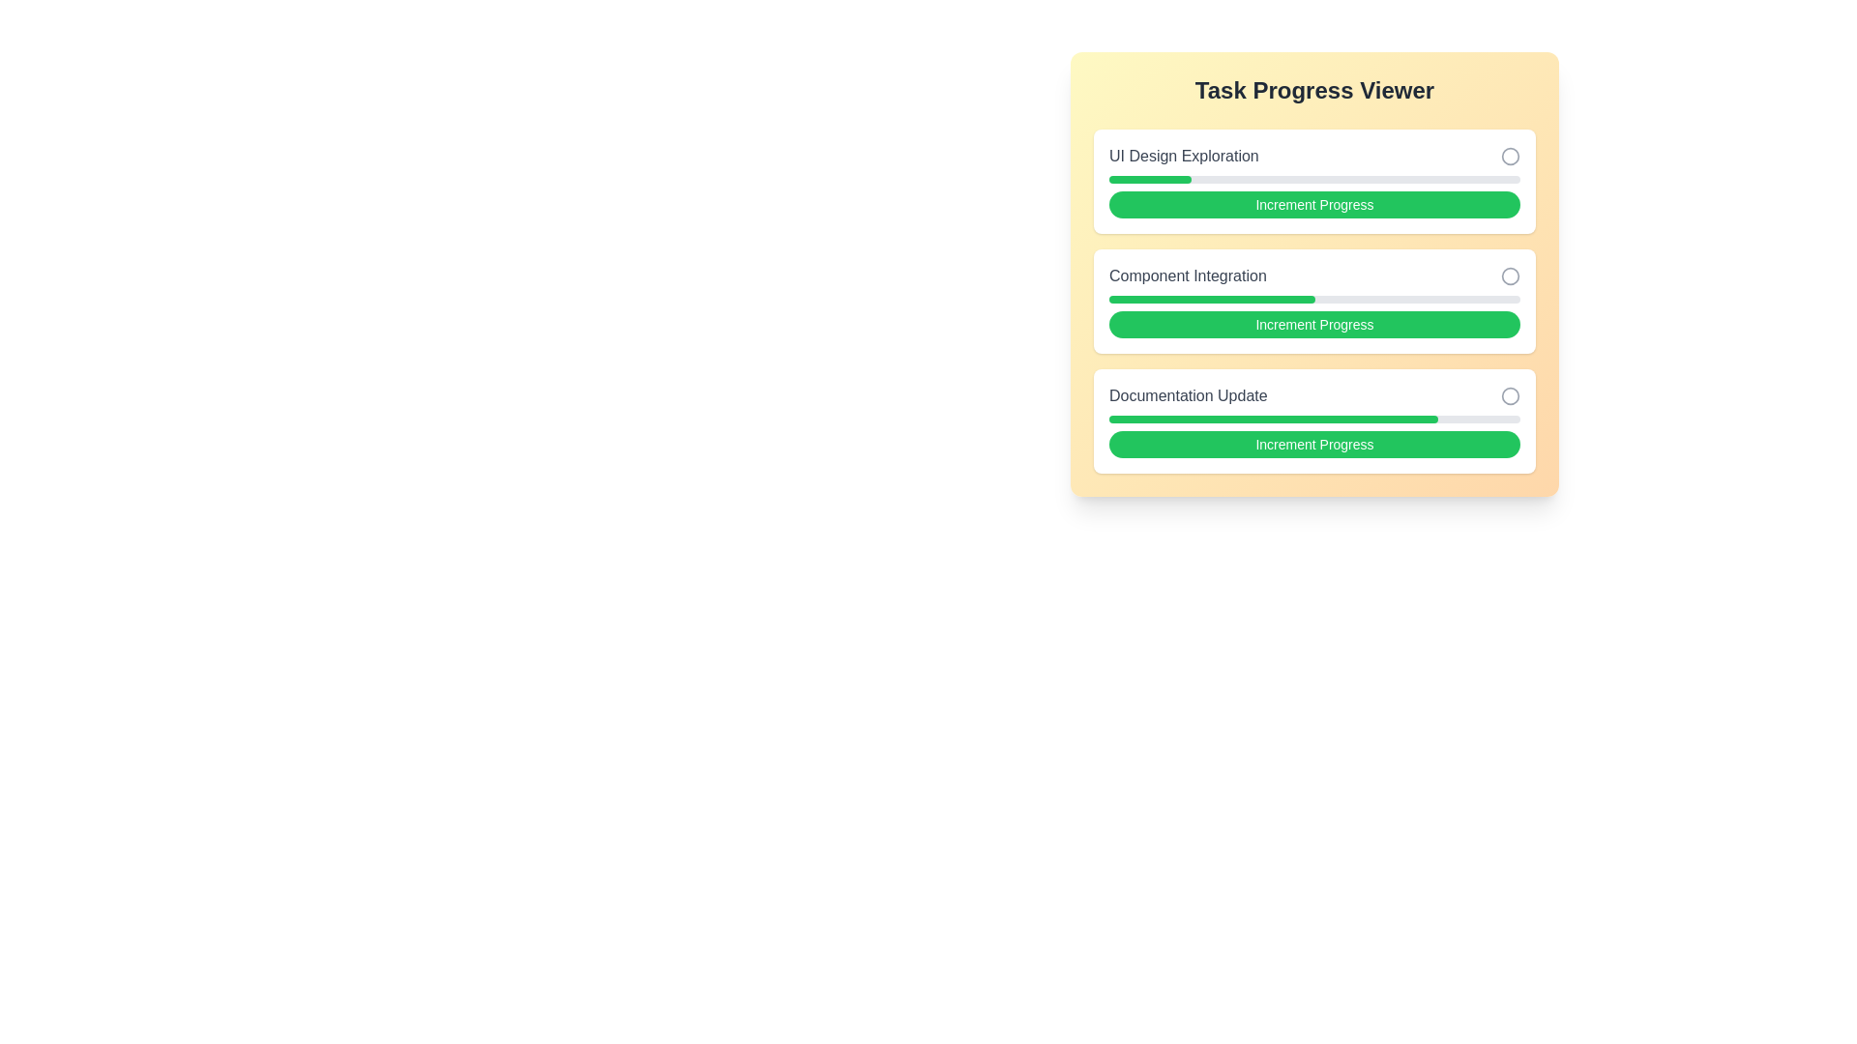  Describe the element at coordinates (1314, 323) in the screenshot. I see `the 'Increment Progress' button, which is a rounded button with a vibrant green background and white text` at that location.